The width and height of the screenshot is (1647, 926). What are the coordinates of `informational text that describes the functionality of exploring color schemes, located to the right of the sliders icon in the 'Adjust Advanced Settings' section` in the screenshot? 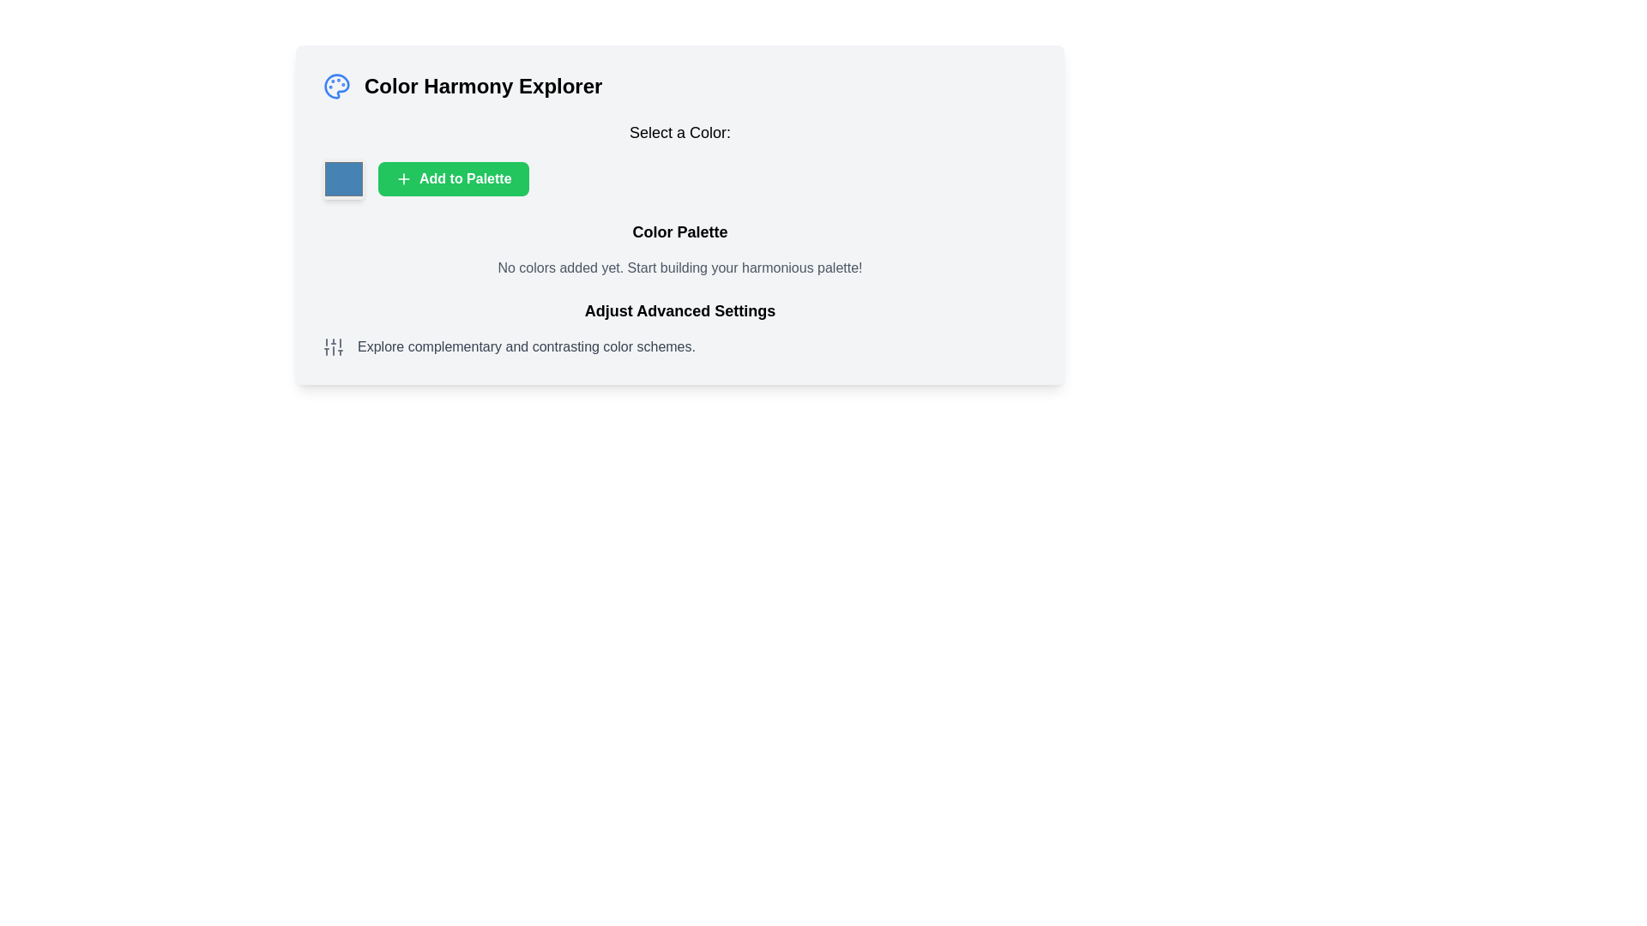 It's located at (526, 347).